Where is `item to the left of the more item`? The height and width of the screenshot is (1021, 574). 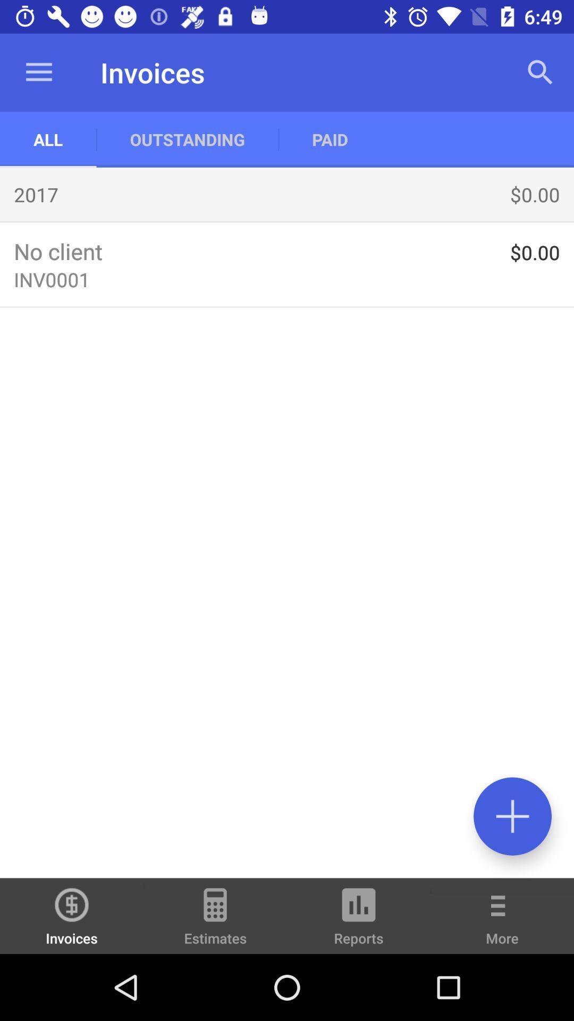 item to the left of the more item is located at coordinates (359, 920).